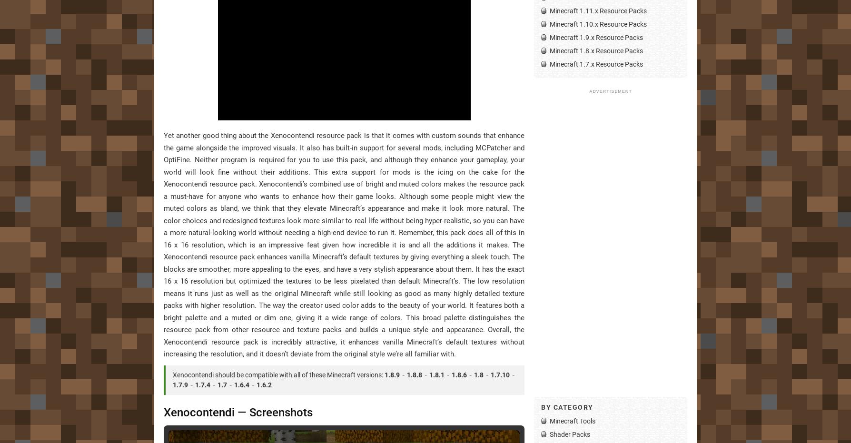 The image size is (851, 443). Describe the element at coordinates (414, 374) in the screenshot. I see `'1.8.8'` at that location.